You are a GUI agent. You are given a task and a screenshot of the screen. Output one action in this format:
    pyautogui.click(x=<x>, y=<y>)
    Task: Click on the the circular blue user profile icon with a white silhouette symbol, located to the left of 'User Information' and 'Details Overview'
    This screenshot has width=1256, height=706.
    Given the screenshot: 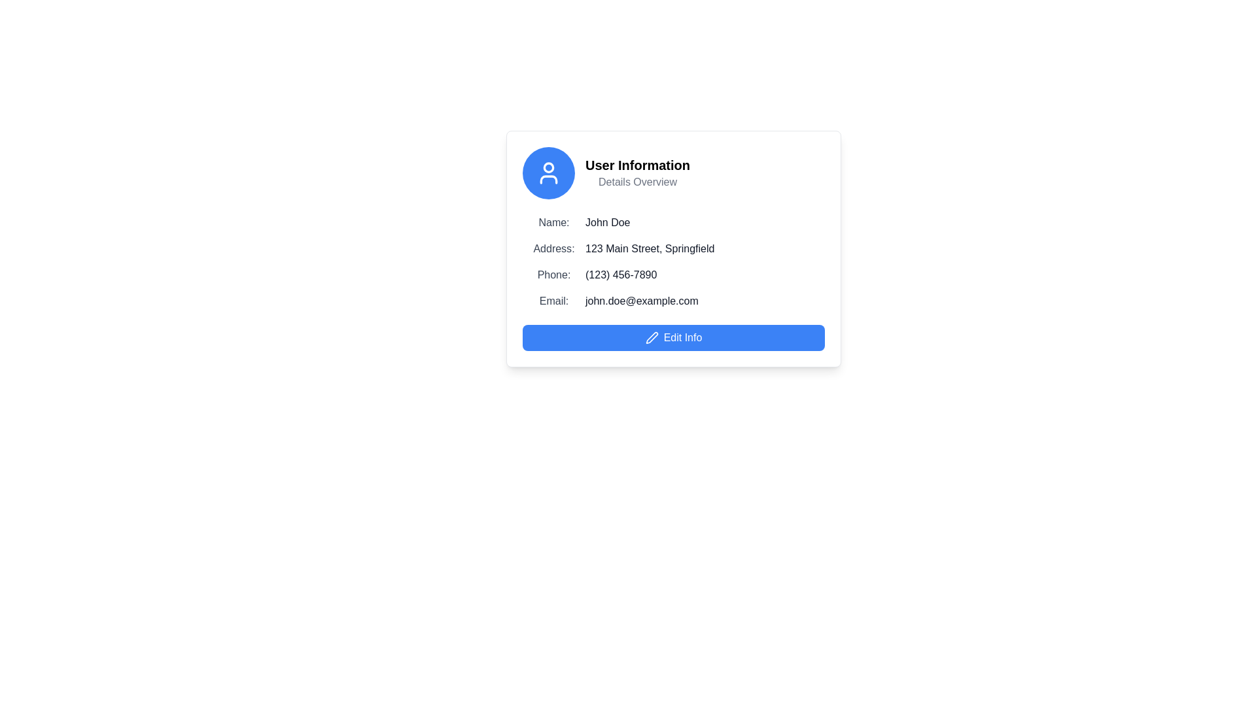 What is the action you would take?
    pyautogui.click(x=549, y=173)
    